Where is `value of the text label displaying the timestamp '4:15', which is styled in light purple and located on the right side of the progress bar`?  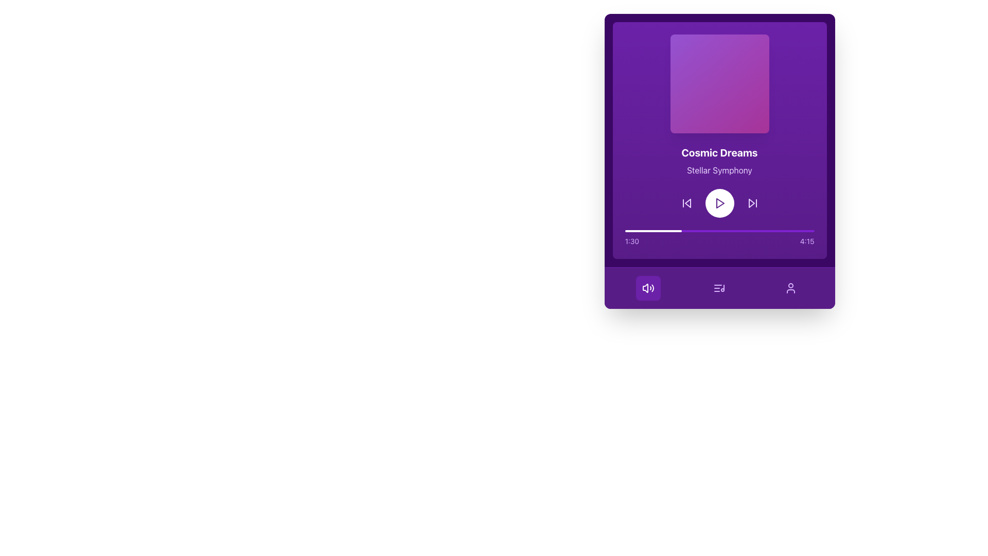
value of the text label displaying the timestamp '4:15', which is styled in light purple and located on the right side of the progress bar is located at coordinates (806, 241).